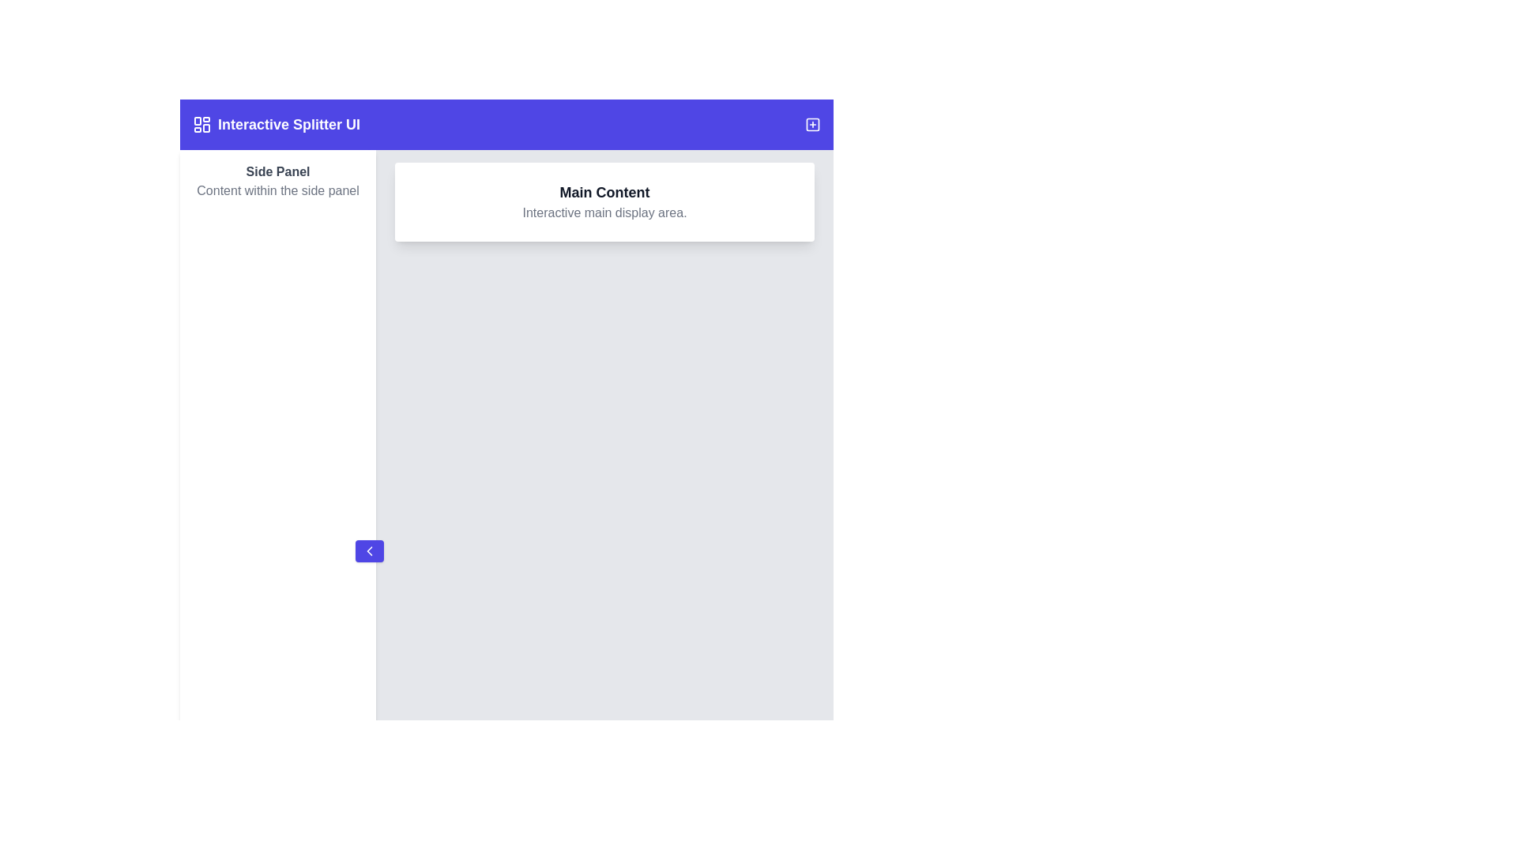 The height and width of the screenshot is (853, 1517). I want to click on text label that serves as the title for the side panel, providing context for its content, so click(278, 172).